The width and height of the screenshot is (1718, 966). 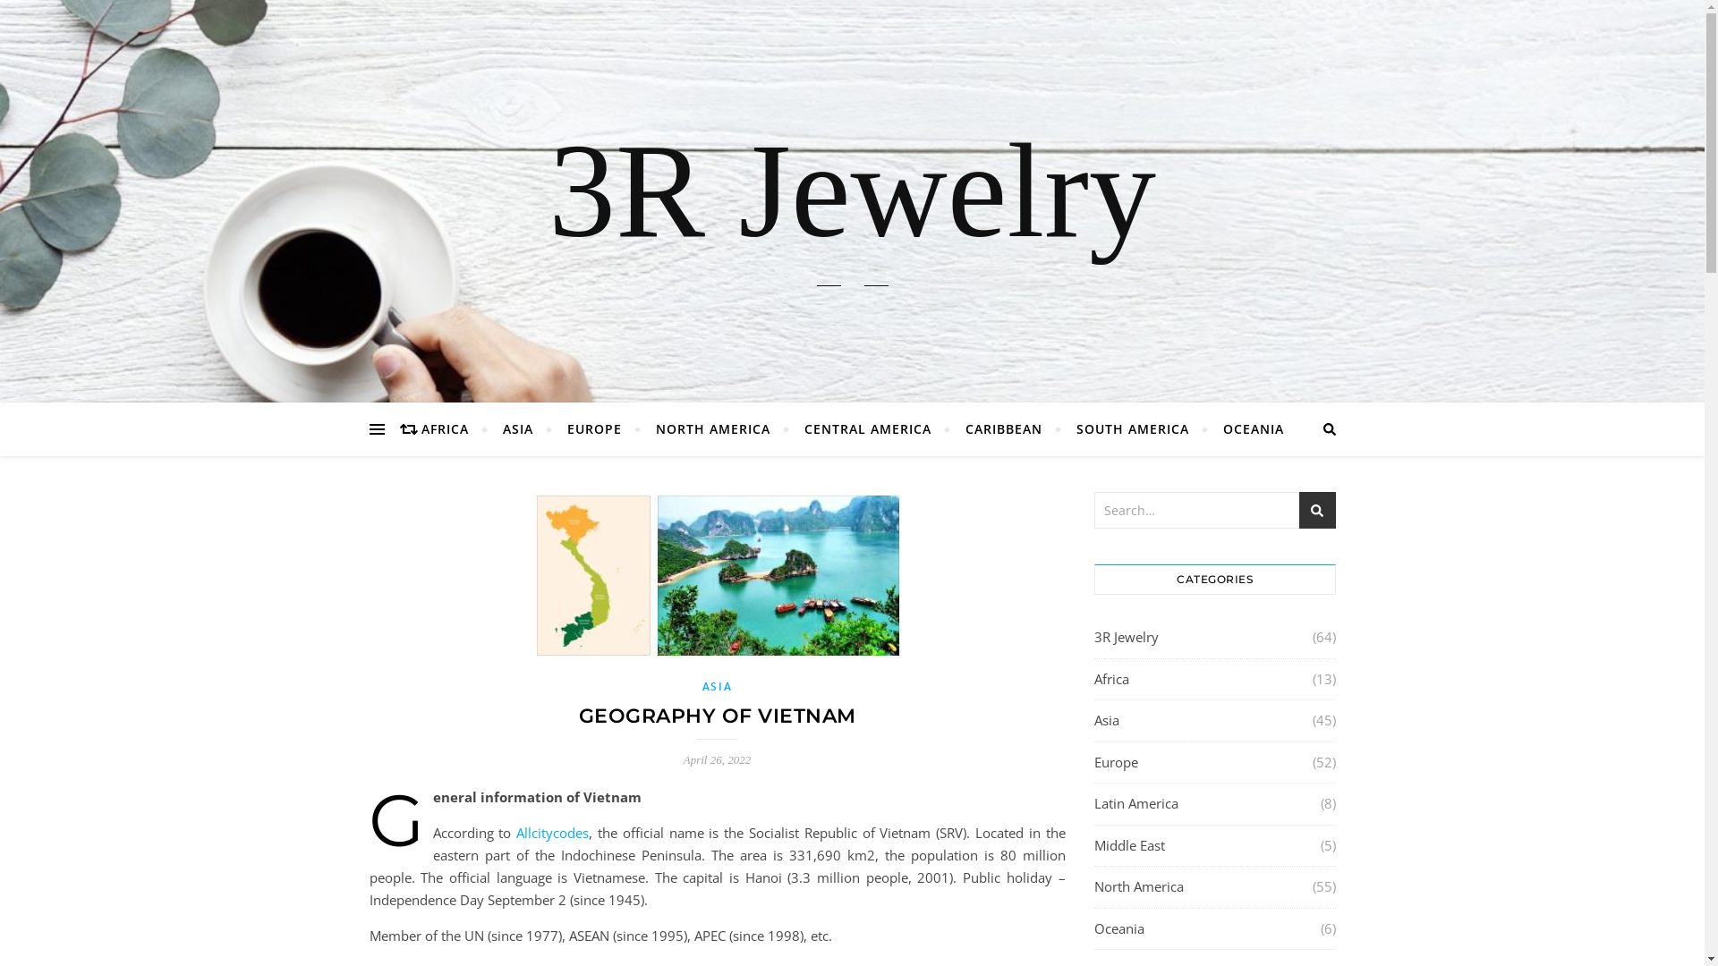 What do you see at coordinates (486, 428) in the screenshot?
I see `'ASIA'` at bounding box center [486, 428].